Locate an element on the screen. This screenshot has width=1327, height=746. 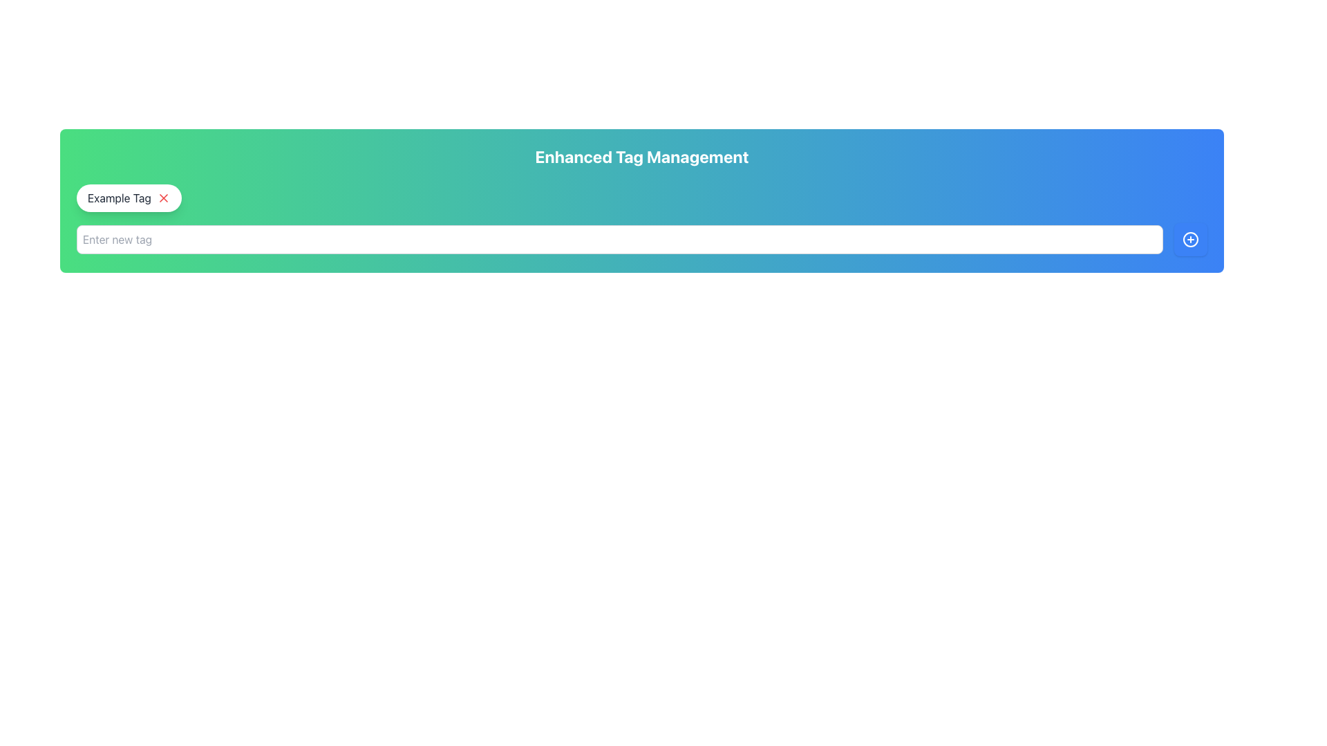
the first tag button in the top-left corner of the interface is located at coordinates (129, 198).